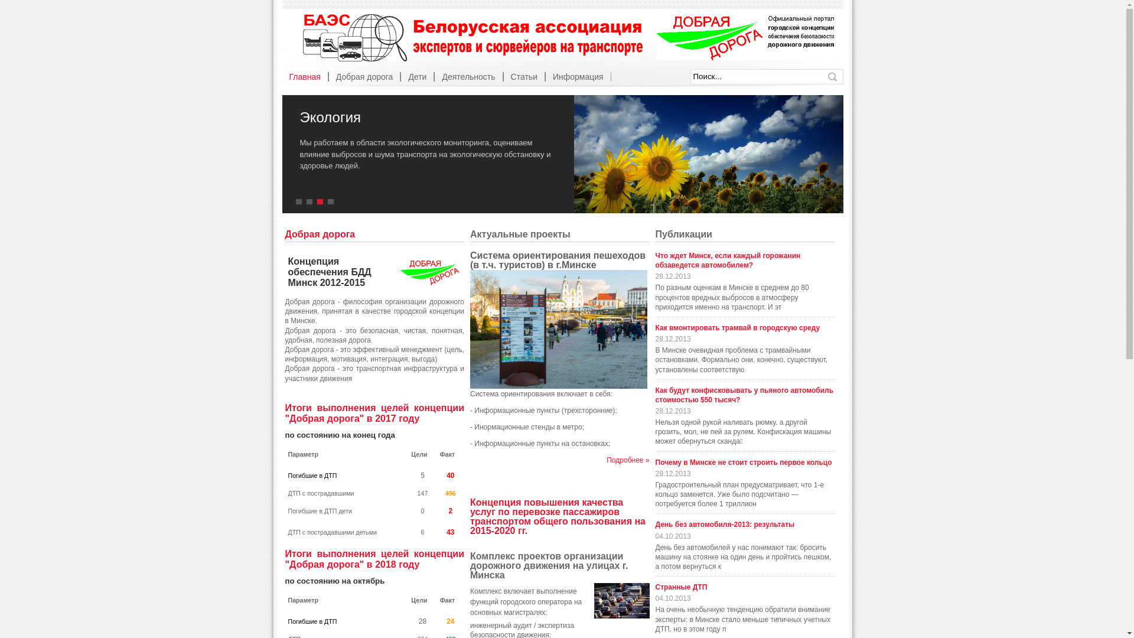  What do you see at coordinates (317, 201) in the screenshot?
I see `'3'` at bounding box center [317, 201].